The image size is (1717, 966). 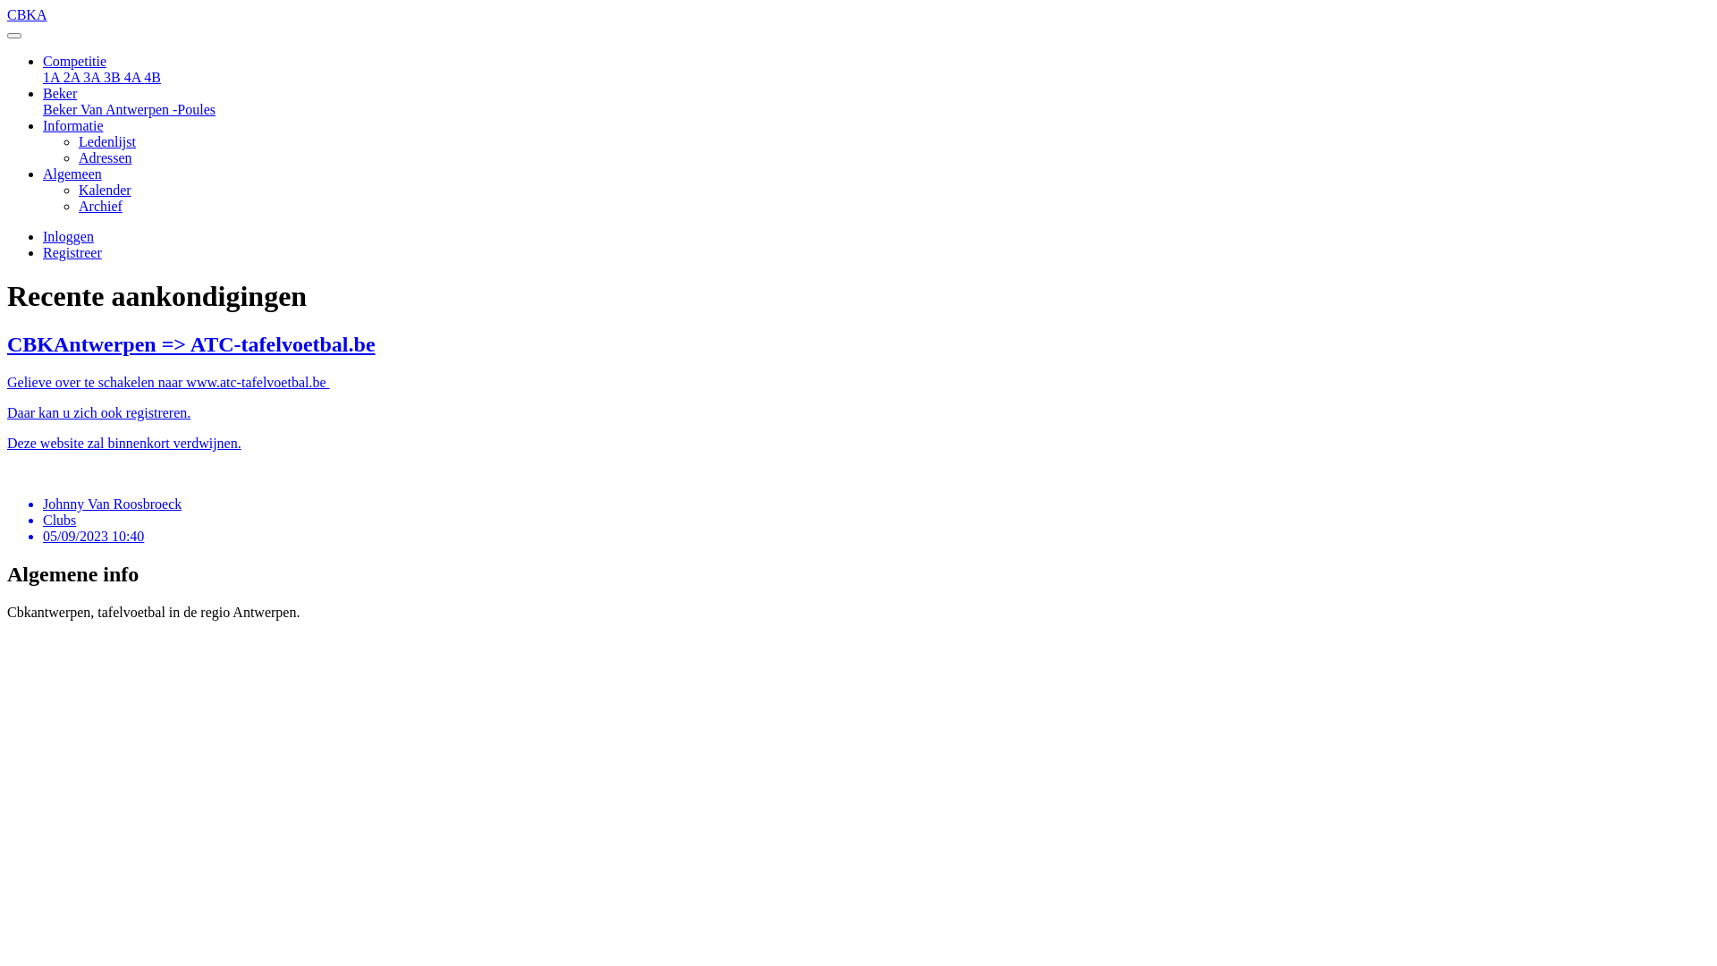 What do you see at coordinates (72, 124) in the screenshot?
I see `'Informatie'` at bounding box center [72, 124].